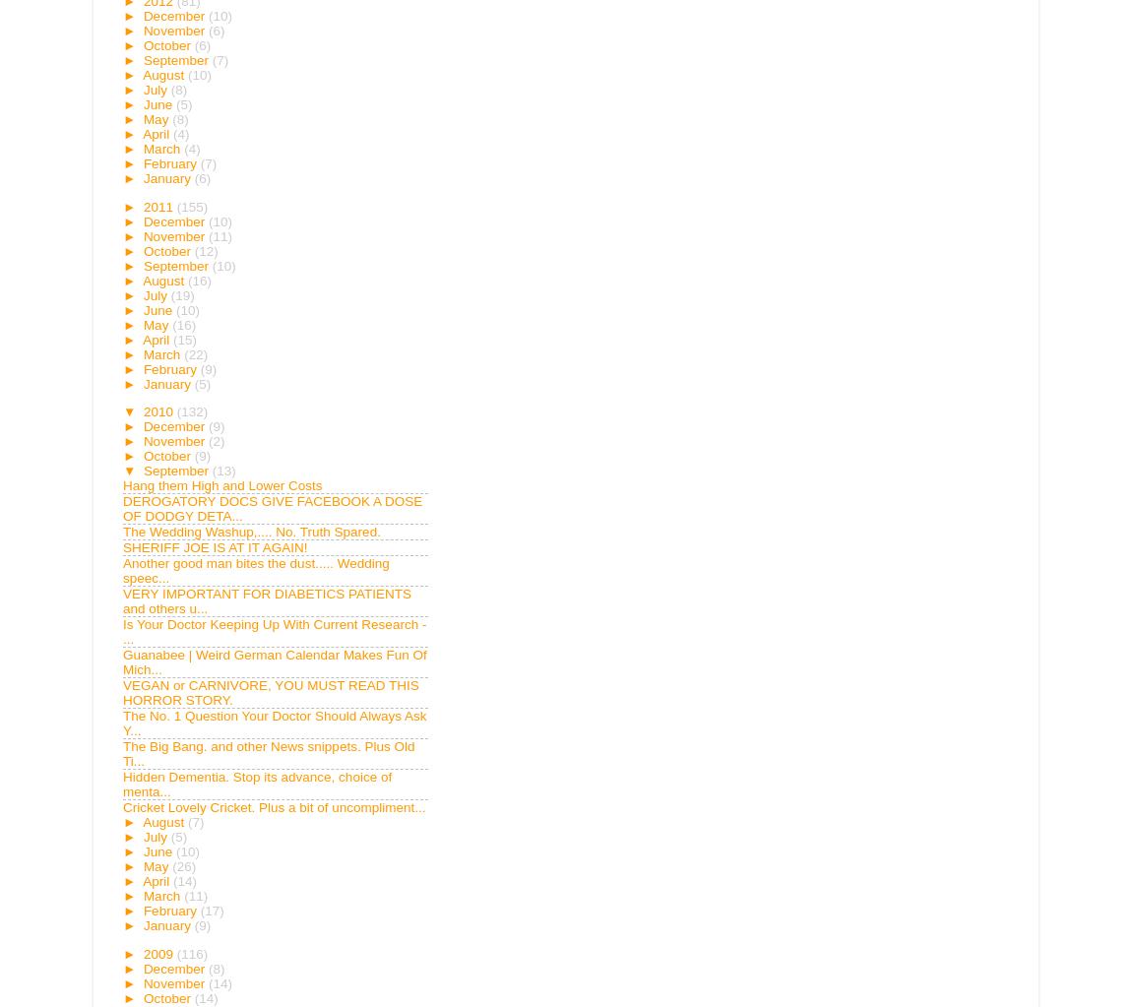  Describe the element at coordinates (211, 910) in the screenshot. I see `'(17)'` at that location.